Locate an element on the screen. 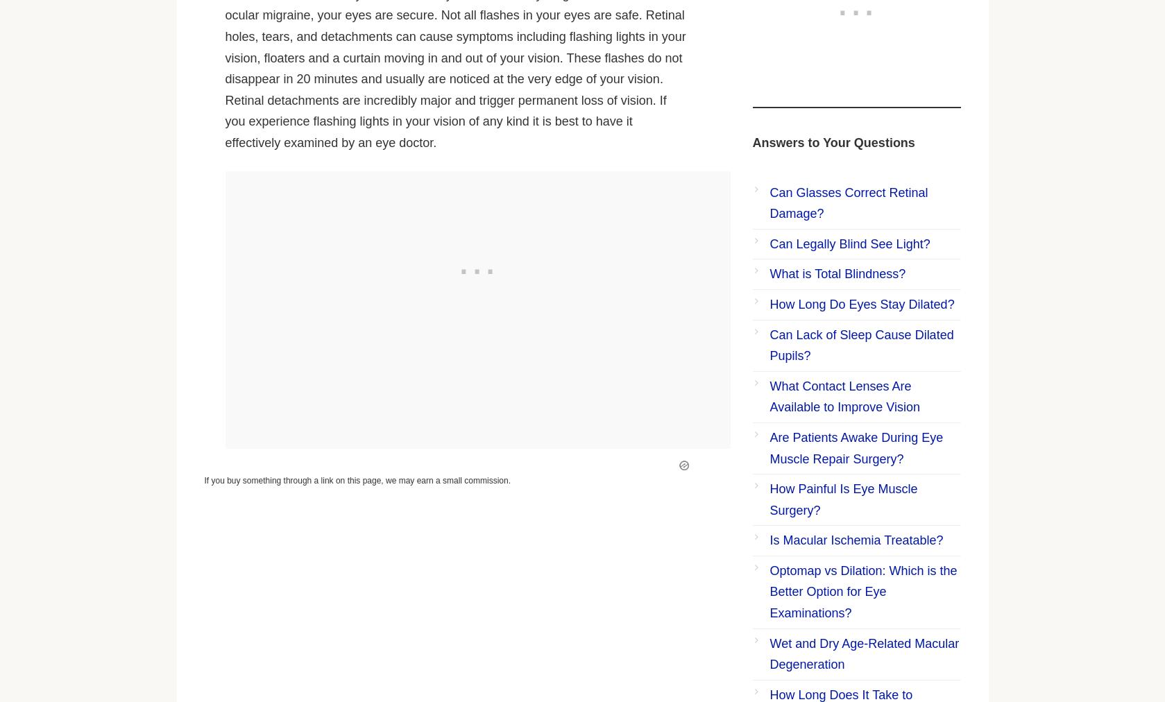  'What is Total Blindness?' is located at coordinates (837, 273).